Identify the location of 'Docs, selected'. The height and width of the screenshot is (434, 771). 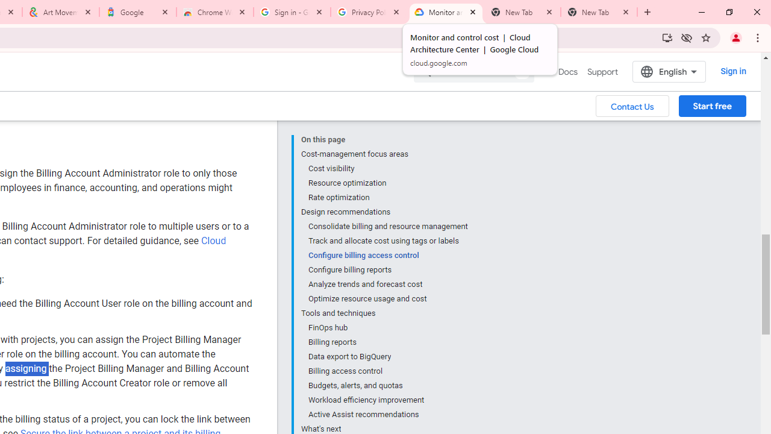
(567, 72).